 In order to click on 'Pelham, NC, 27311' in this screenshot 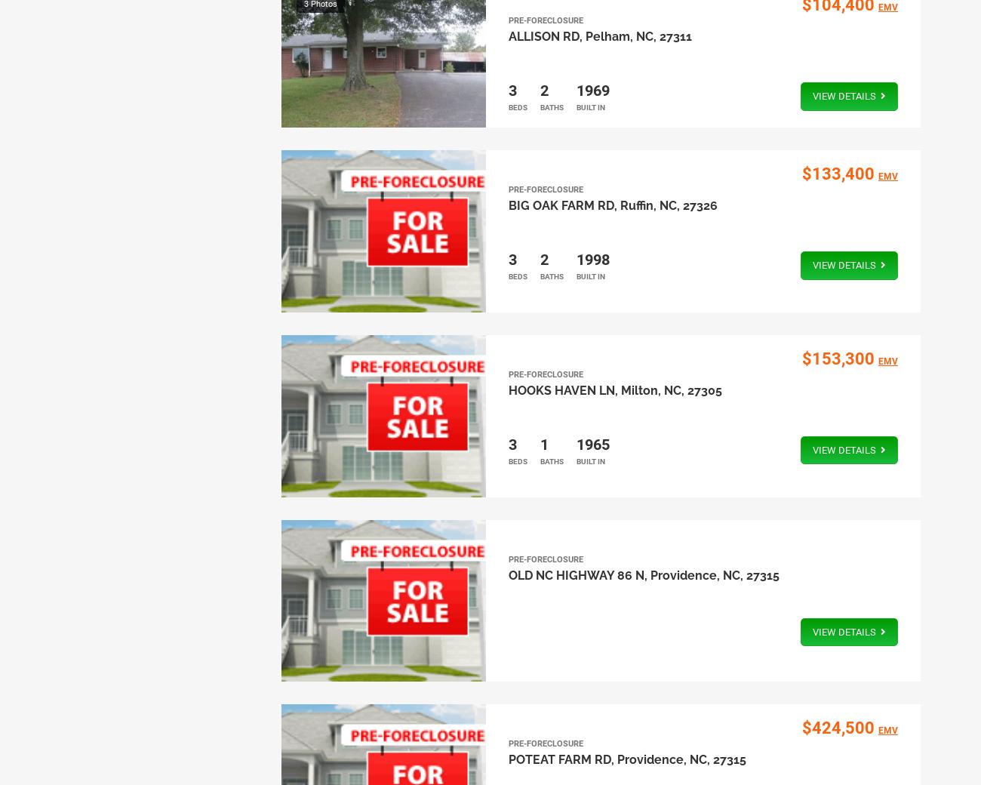, I will do `click(638, 35)`.